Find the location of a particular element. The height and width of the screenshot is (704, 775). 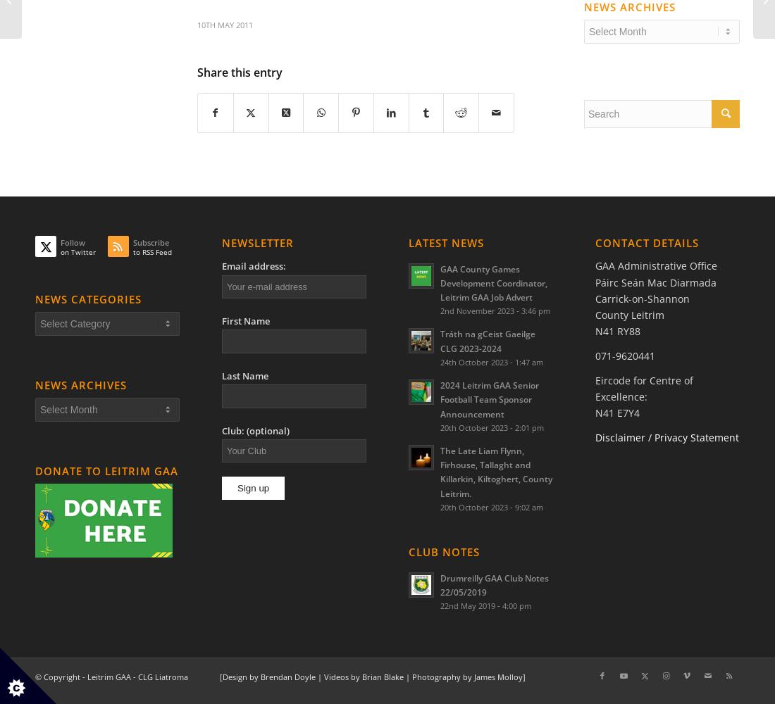

'10th May 2011' is located at coordinates (224, 24).